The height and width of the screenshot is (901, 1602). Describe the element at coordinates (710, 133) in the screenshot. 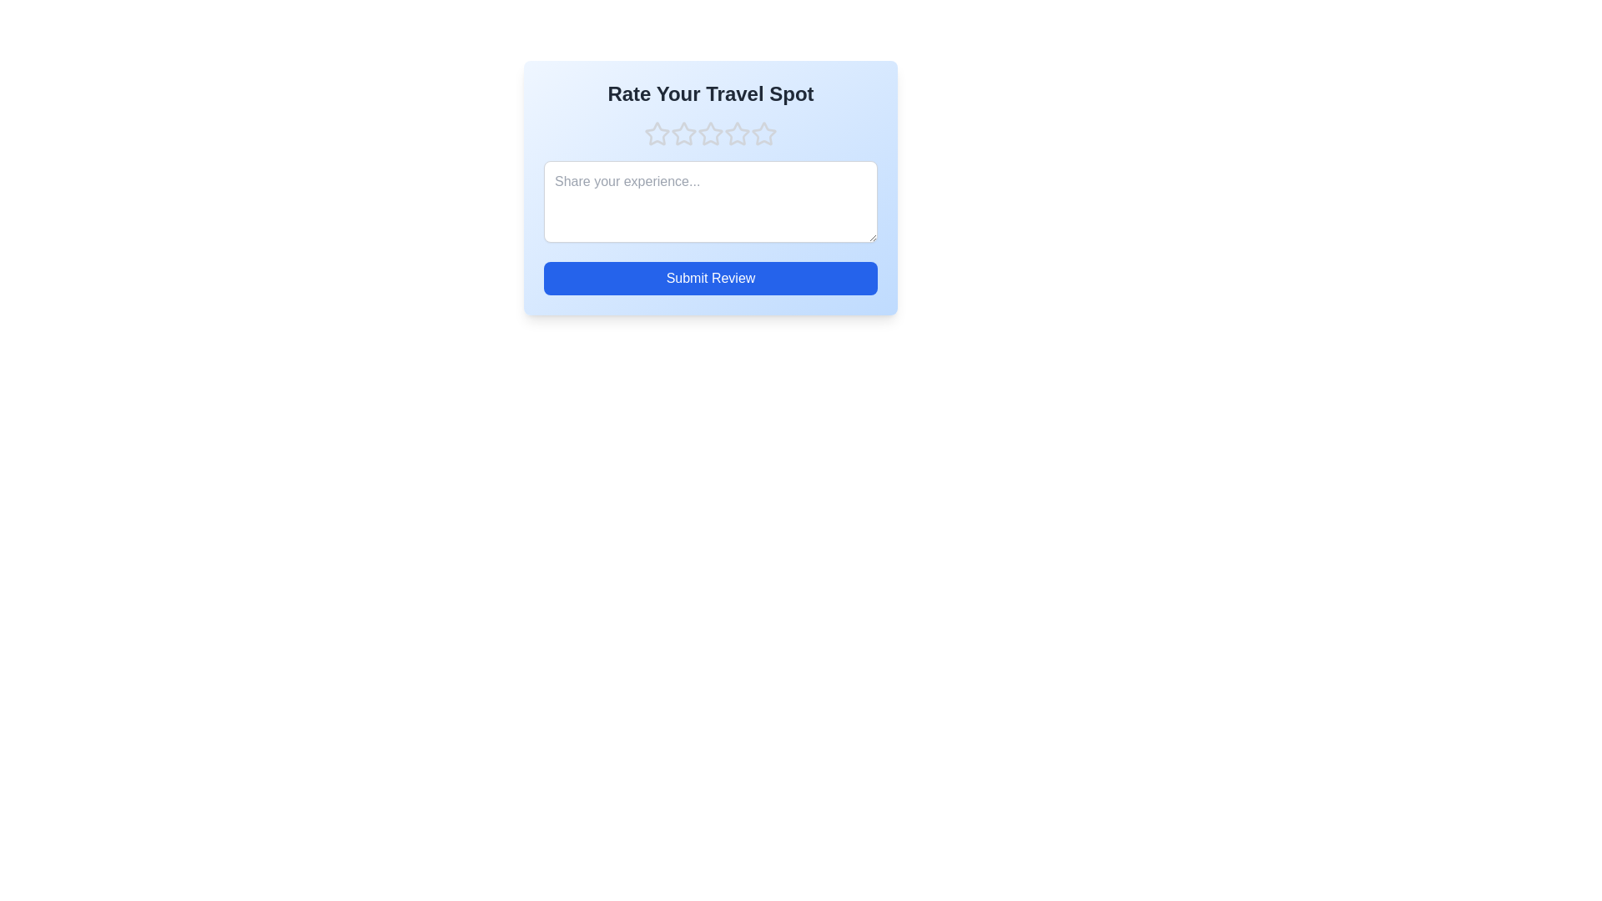

I see `the travel spot rating to 3 stars by clicking on the corresponding star` at that location.